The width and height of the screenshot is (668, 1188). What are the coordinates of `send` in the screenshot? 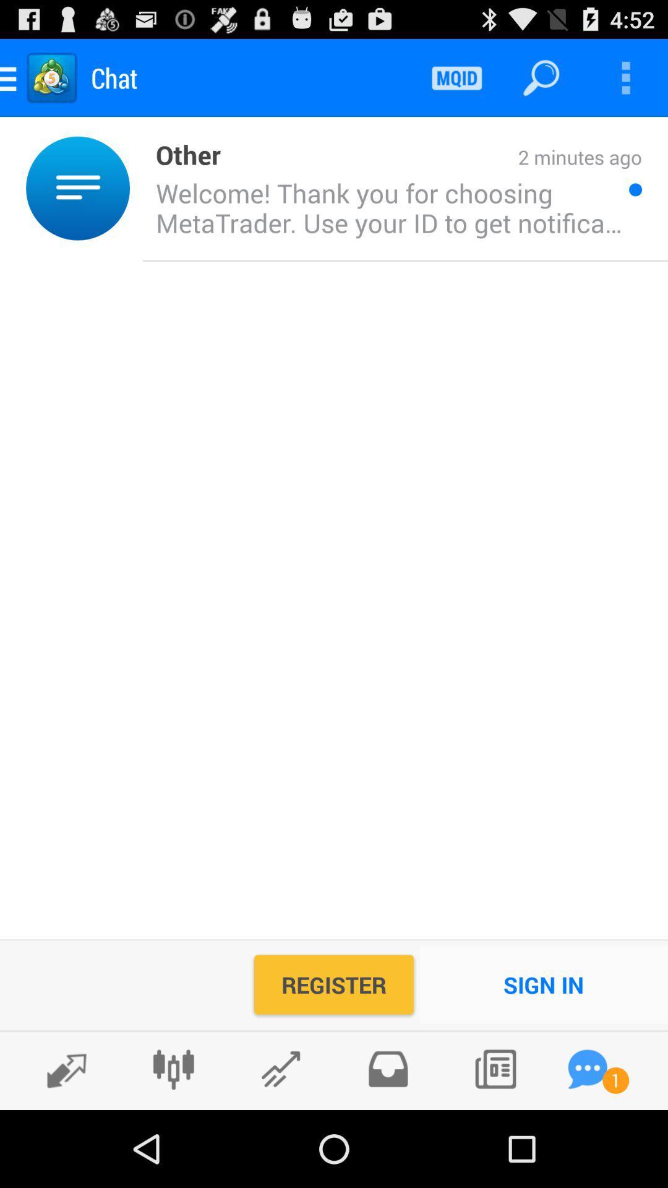 It's located at (281, 1069).